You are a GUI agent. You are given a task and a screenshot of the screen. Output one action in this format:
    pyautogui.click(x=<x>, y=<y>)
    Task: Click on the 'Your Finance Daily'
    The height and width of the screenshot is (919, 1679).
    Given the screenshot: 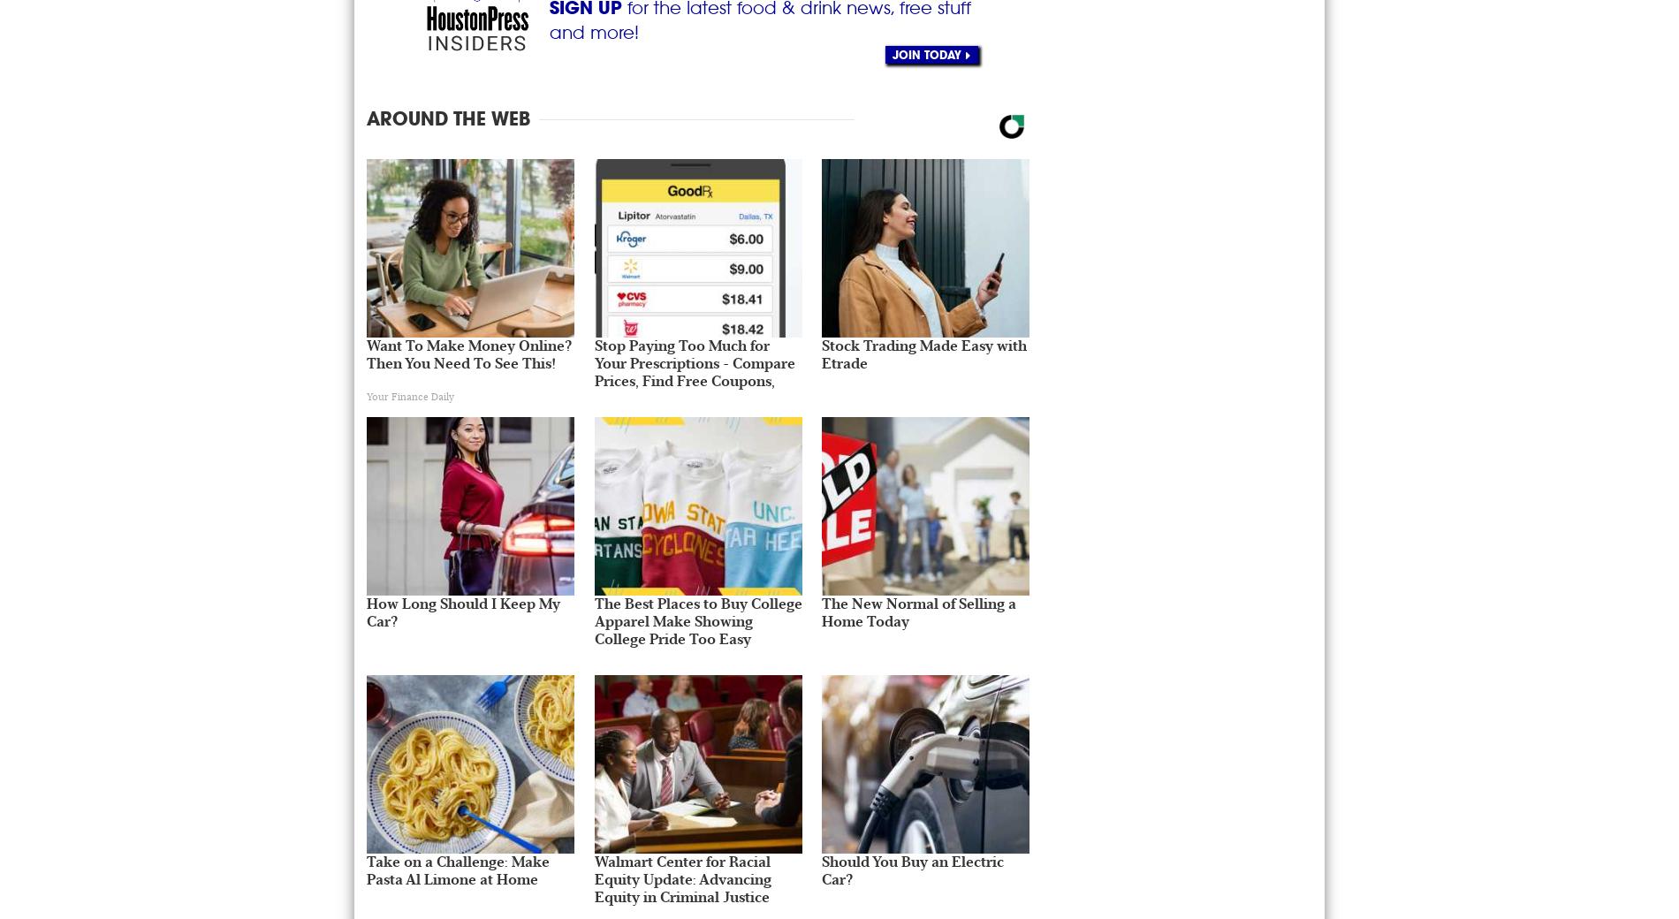 What is the action you would take?
    pyautogui.click(x=365, y=396)
    